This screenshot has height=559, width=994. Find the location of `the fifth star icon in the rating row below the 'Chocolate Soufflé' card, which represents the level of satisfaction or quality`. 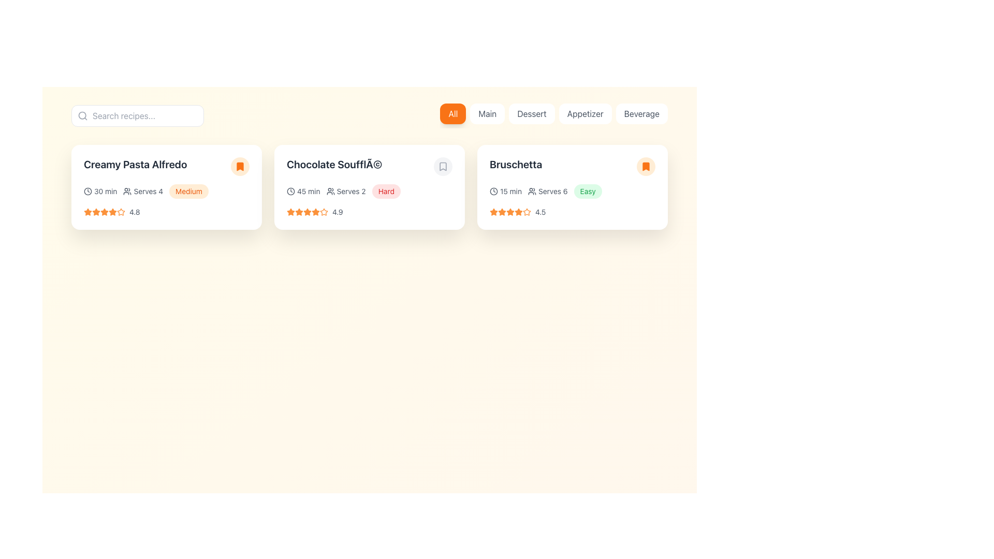

the fifth star icon in the rating row below the 'Chocolate Soufflé' card, which represents the level of satisfaction or quality is located at coordinates (323, 211).